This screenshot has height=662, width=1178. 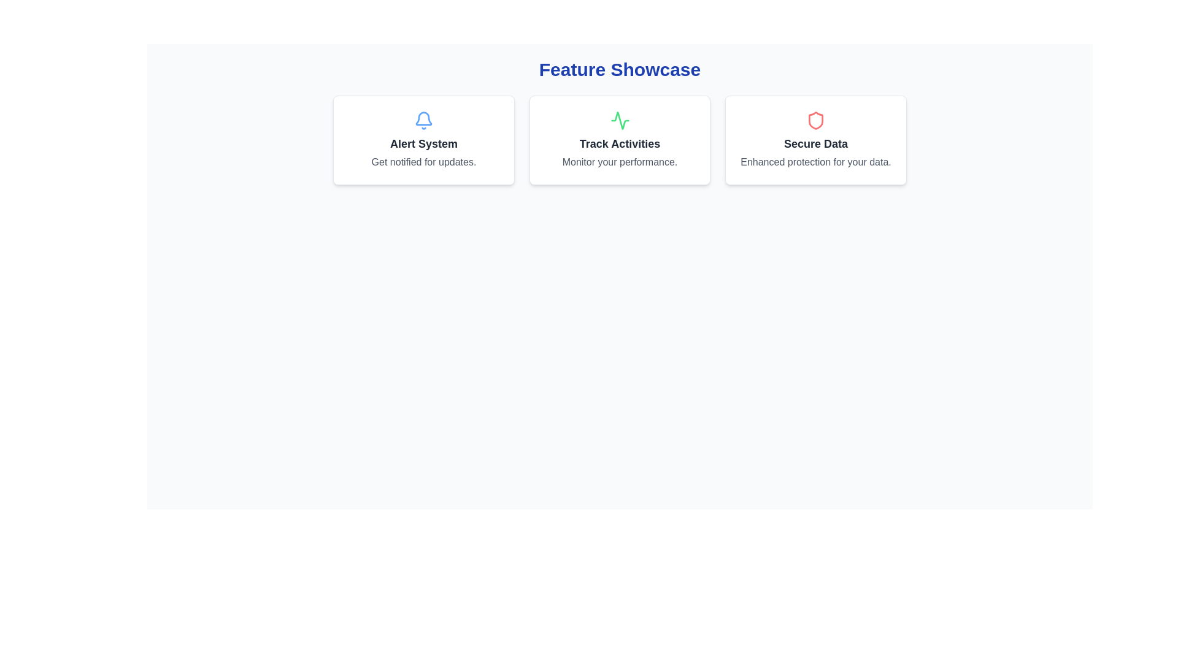 I want to click on the text element that reads 'Monitor your performance.' which is styled in gray and located beneath the 'Track Activities' title in the middle content block, so click(x=620, y=162).